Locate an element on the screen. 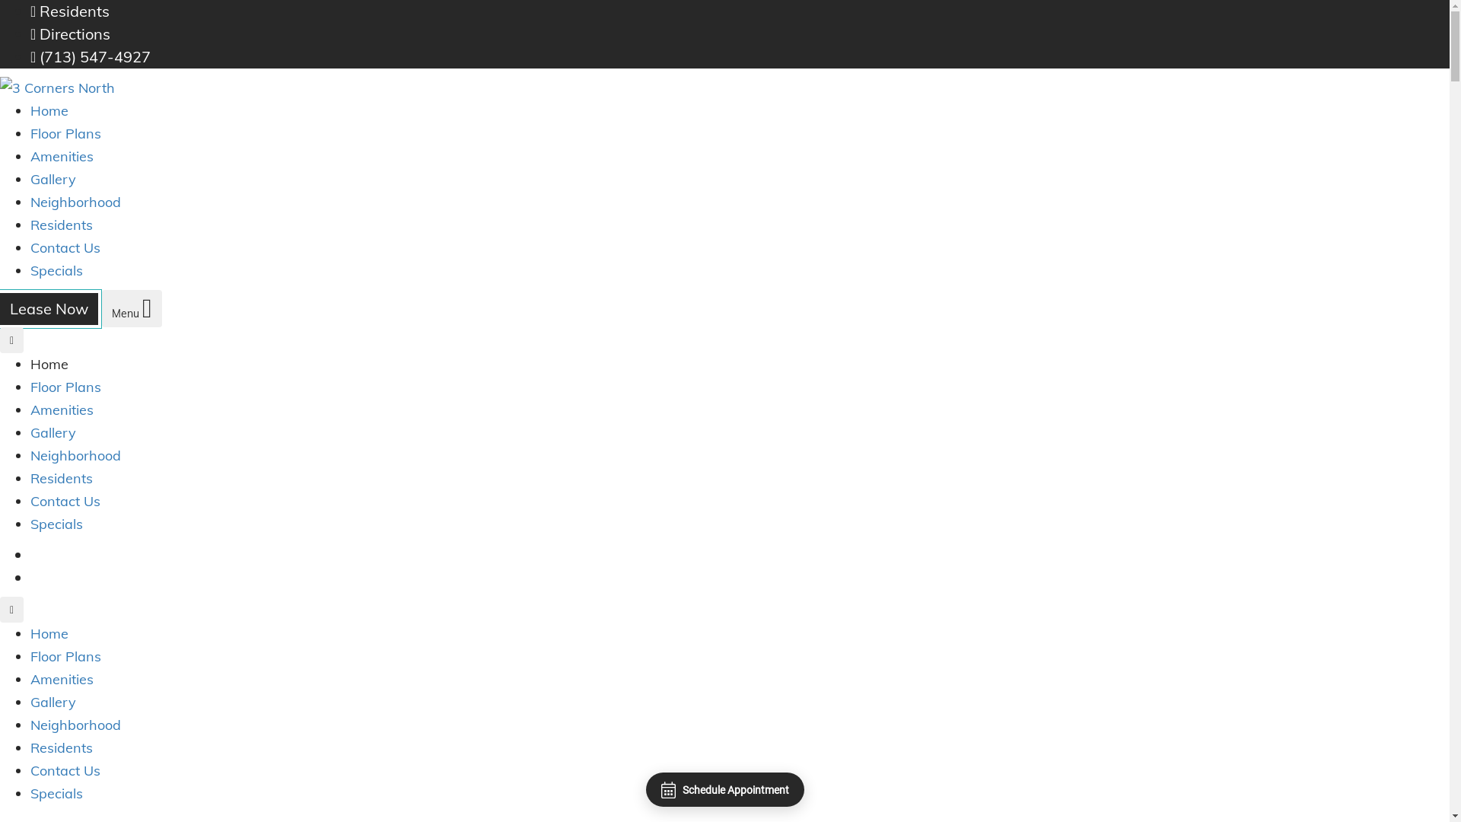 The height and width of the screenshot is (822, 1461). 'Directions' is located at coordinates (30, 33).